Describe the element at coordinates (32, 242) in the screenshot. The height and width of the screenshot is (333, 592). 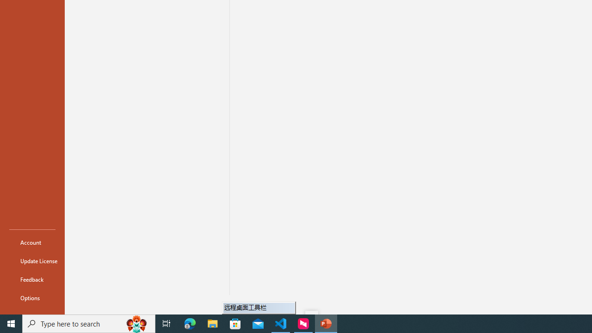
I see `'Account'` at that location.